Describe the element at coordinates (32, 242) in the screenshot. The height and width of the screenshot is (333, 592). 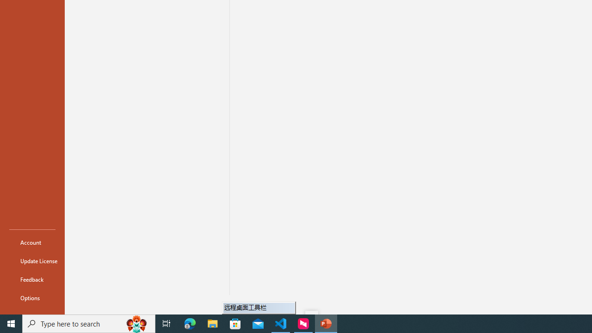
I see `'Account'` at that location.